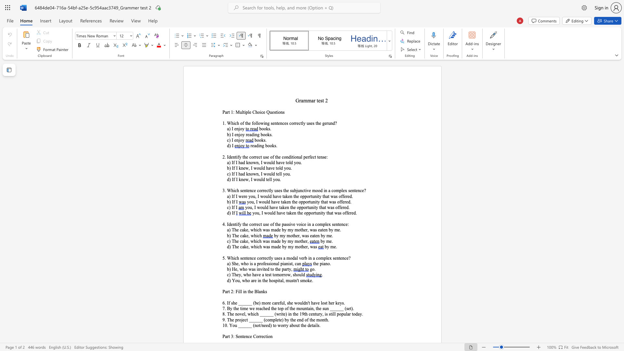 The width and height of the screenshot is (624, 351). Describe the element at coordinates (317, 236) in the screenshot. I see `the subset text "n b" within the text "by my mother, was eaten by me."` at that location.